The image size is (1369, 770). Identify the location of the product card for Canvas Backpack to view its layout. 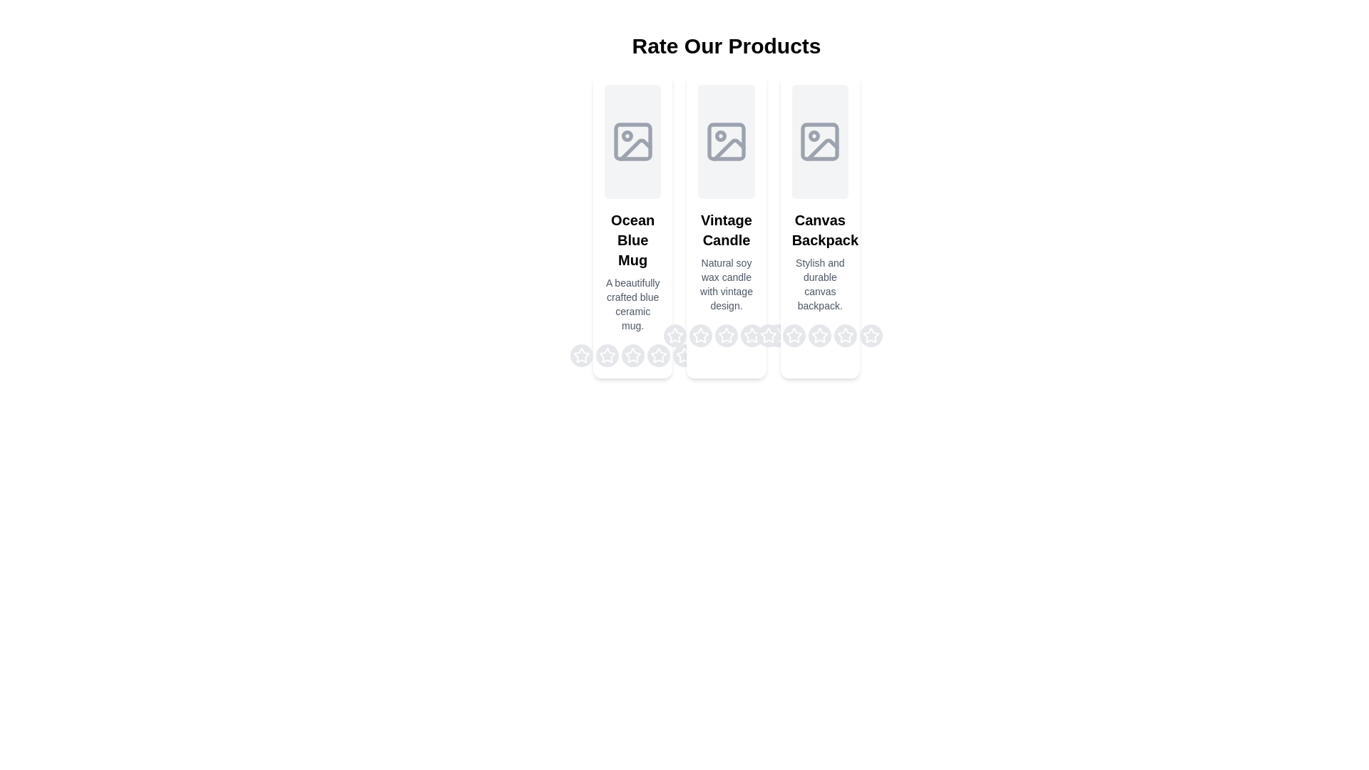
(820, 225).